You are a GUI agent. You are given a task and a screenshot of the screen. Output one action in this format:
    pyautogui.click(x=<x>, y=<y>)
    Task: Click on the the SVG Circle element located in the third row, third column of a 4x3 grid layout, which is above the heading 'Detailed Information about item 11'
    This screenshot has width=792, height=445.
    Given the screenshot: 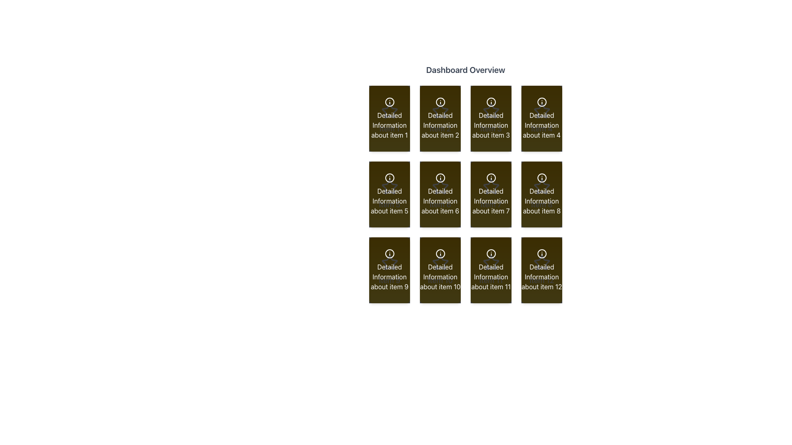 What is the action you would take?
    pyautogui.click(x=491, y=253)
    